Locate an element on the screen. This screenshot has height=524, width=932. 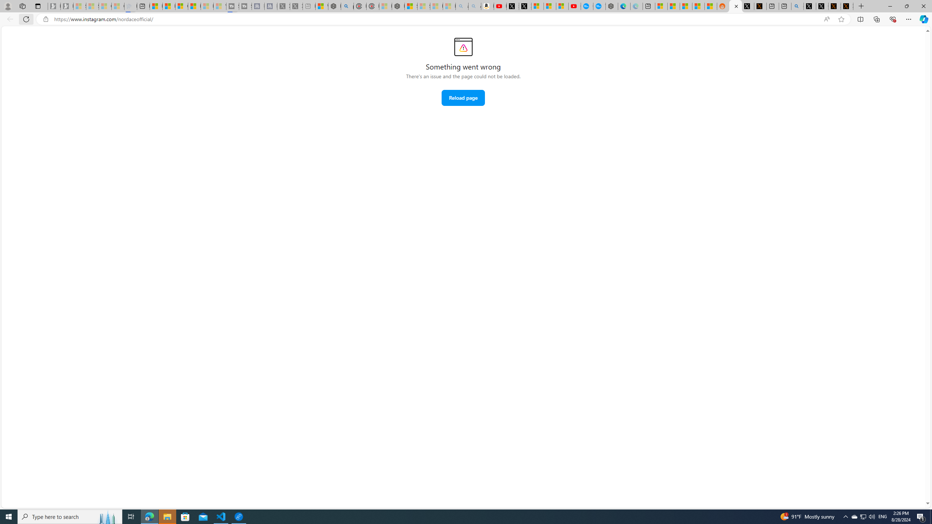
'Newsletter Sign Up - Sleeping' is located at coordinates (67, 6).